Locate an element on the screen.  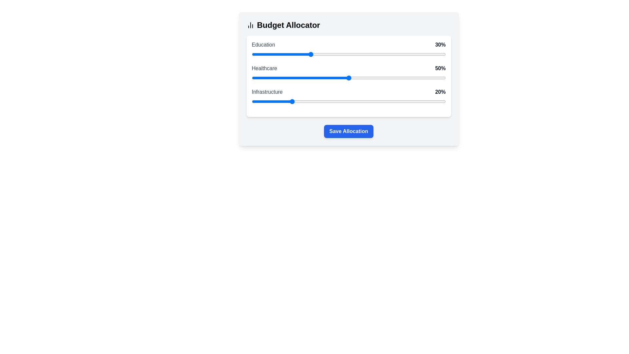
the 'Infrastructure 20%' range slider is located at coordinates (348, 101).